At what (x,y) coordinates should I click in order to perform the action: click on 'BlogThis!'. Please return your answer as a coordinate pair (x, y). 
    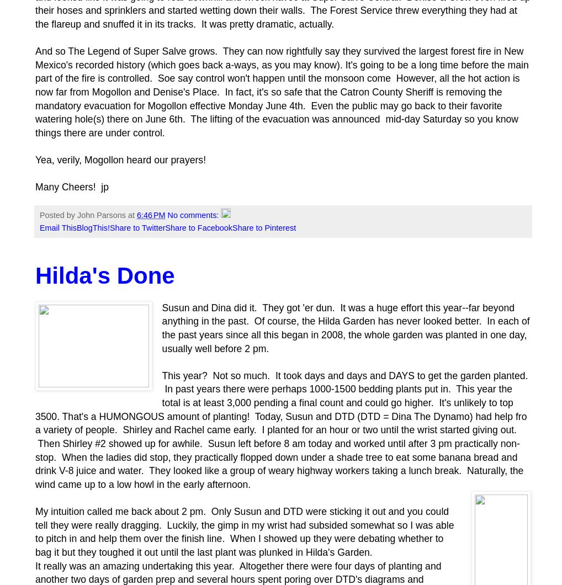
    Looking at the image, I should click on (76, 227).